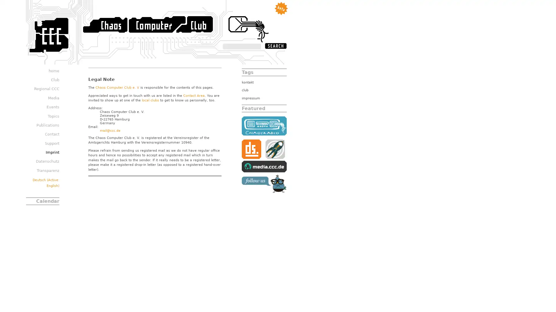 The image size is (556, 312). I want to click on Submit, so click(275, 45).